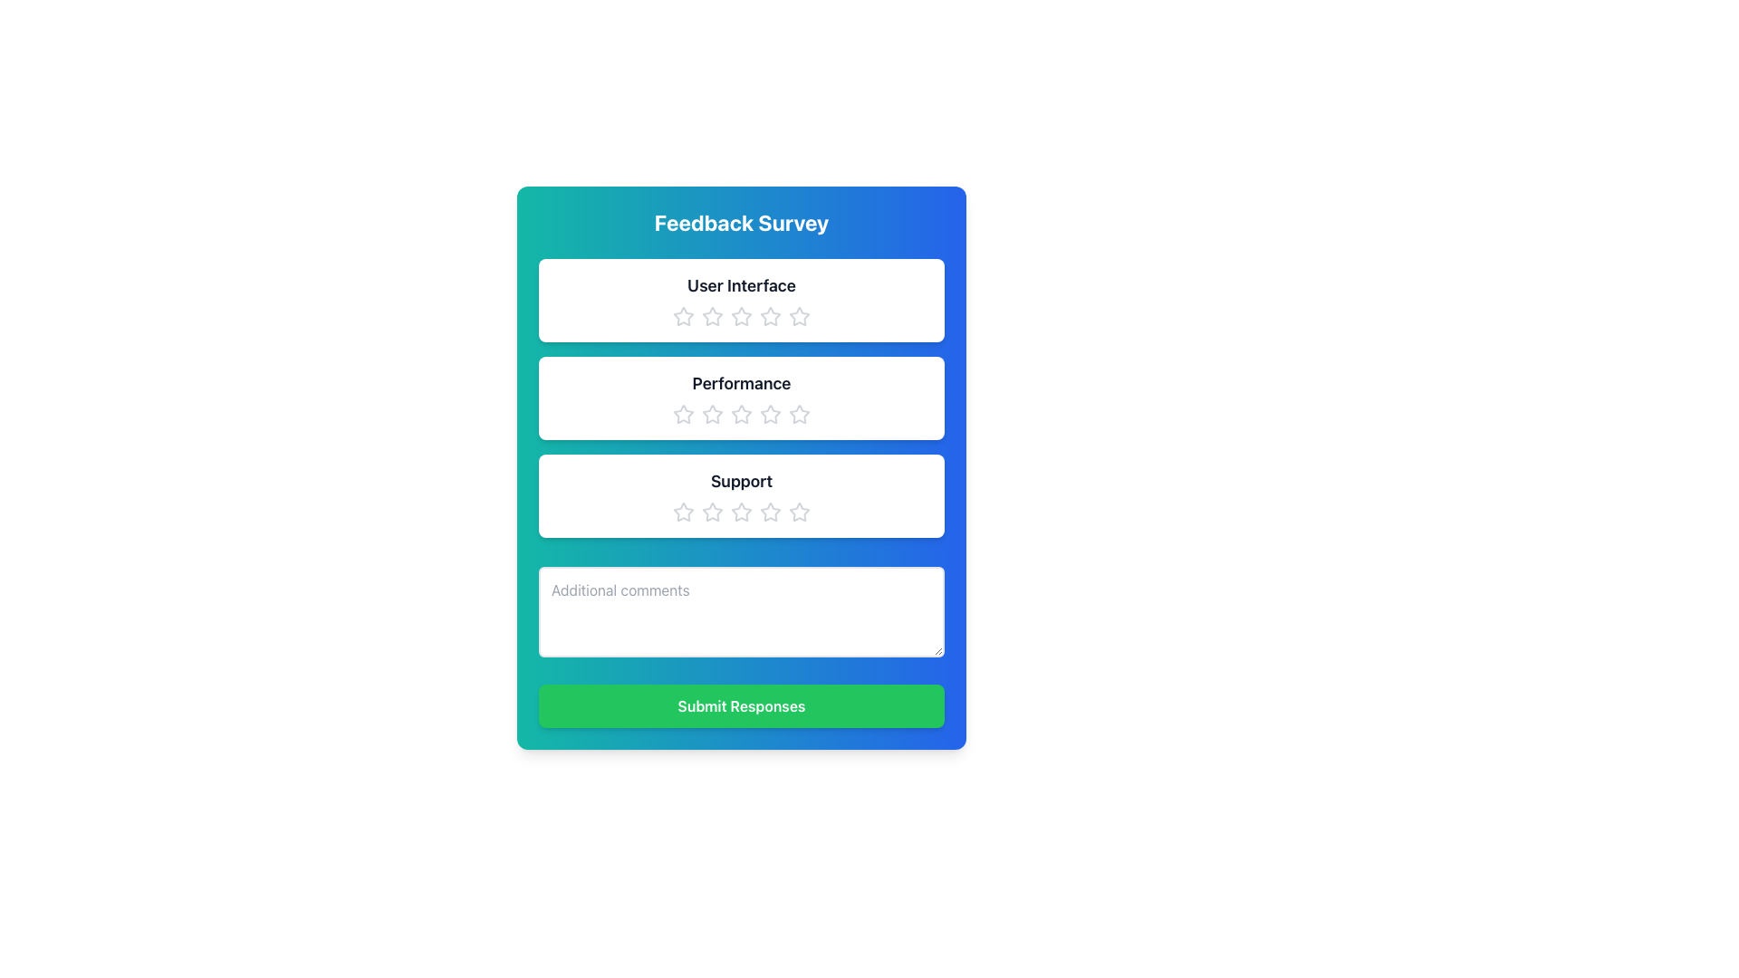 The width and height of the screenshot is (1739, 978). Describe the element at coordinates (770, 512) in the screenshot. I see `the second star icon in the five-star rating component under the 'Support' section of the survey form to provide visual feedback` at that location.